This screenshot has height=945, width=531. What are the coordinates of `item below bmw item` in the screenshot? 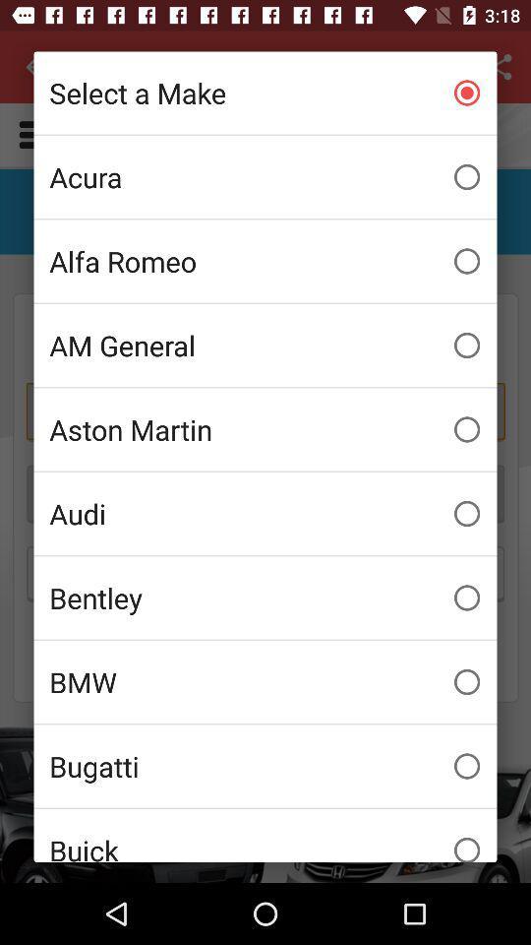 It's located at (265, 765).